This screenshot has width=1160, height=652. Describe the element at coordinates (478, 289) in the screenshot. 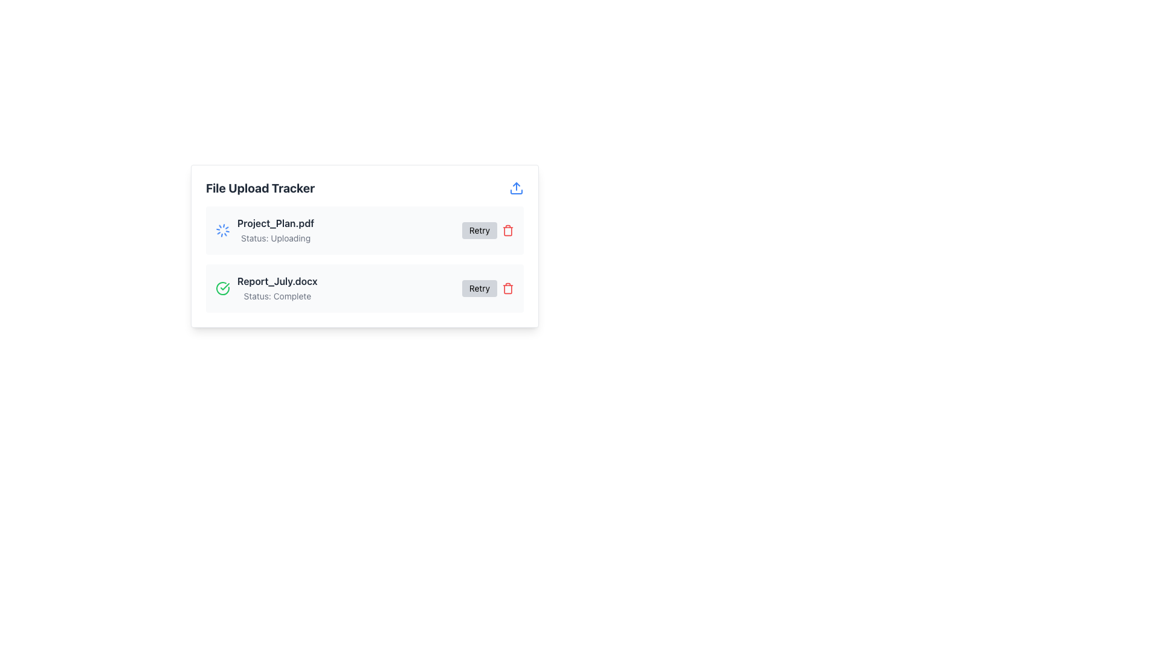

I see `the retry button located in the second row of the file upload list interface, adjacent to the file 'Report_July.docx', and to the left of the red trash icon` at that location.